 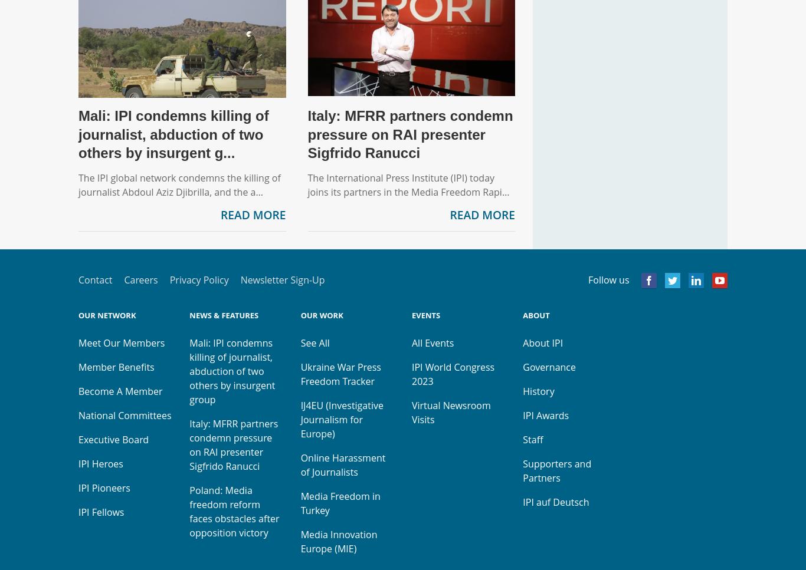 I want to click on 'IPI Heroes', so click(x=78, y=463).